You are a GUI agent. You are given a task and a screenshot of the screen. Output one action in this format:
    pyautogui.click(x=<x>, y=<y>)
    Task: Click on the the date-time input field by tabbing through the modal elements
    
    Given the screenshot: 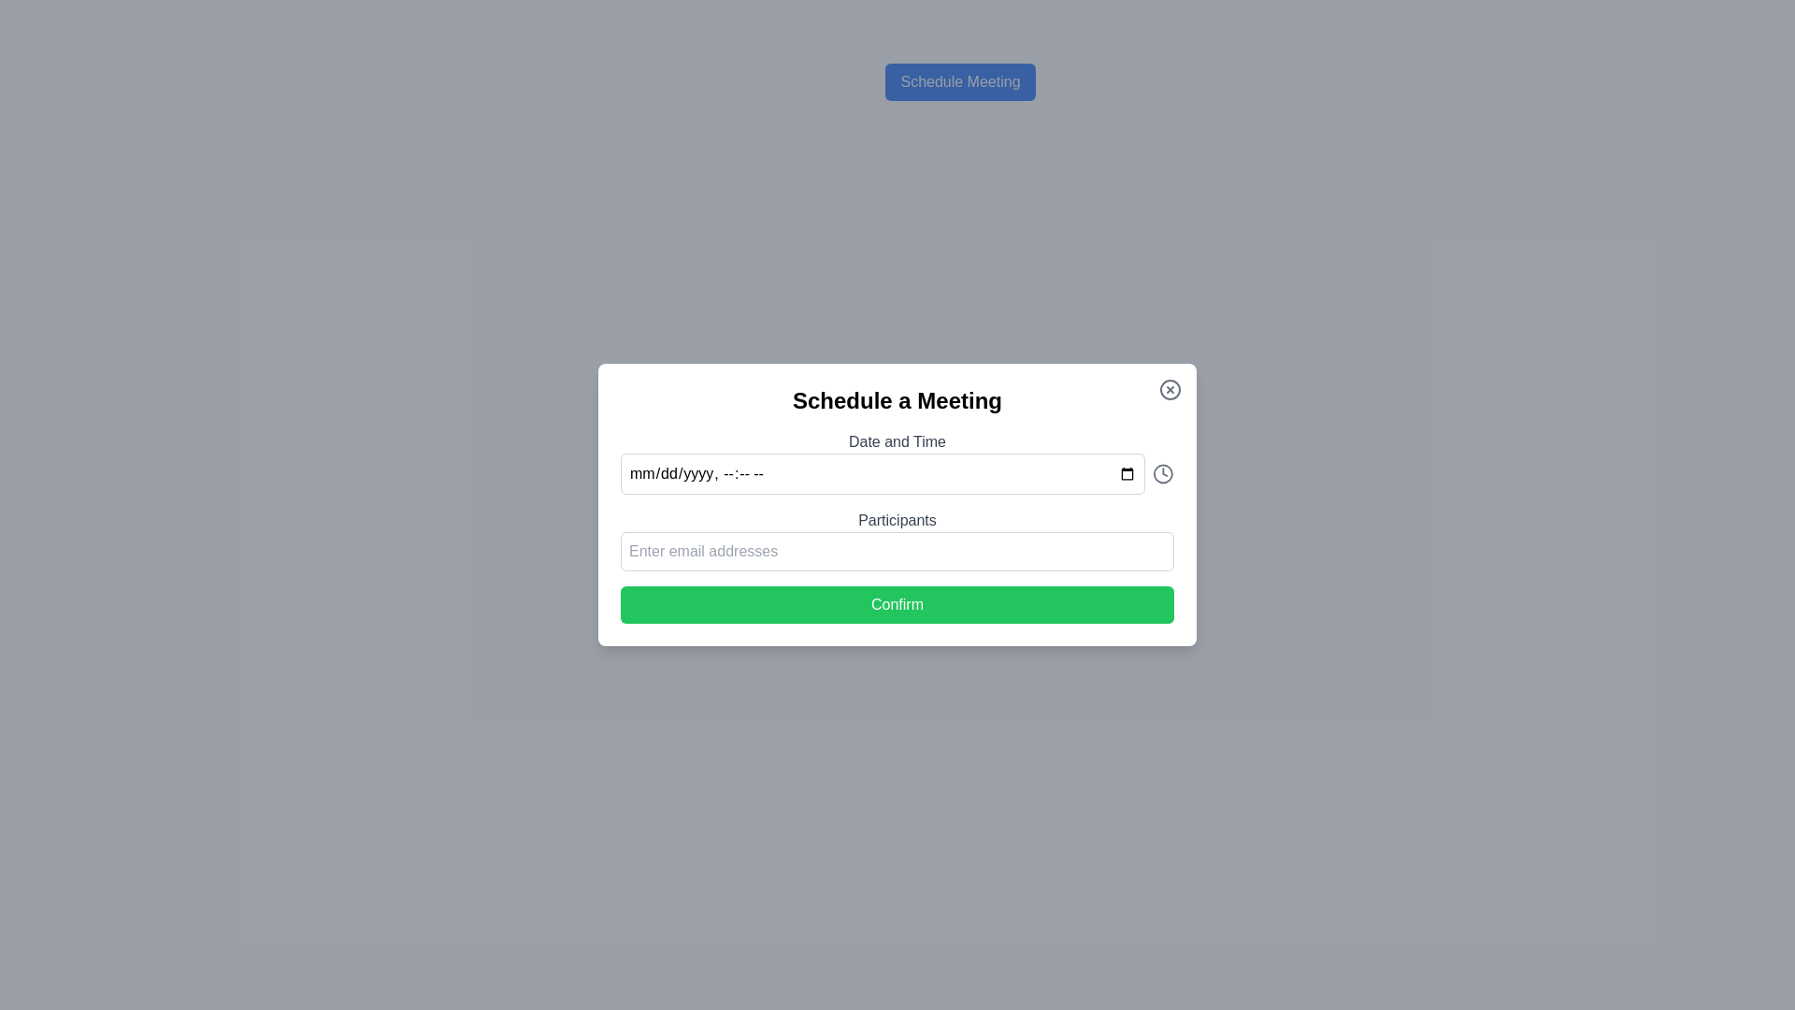 What is the action you would take?
    pyautogui.click(x=882, y=472)
    